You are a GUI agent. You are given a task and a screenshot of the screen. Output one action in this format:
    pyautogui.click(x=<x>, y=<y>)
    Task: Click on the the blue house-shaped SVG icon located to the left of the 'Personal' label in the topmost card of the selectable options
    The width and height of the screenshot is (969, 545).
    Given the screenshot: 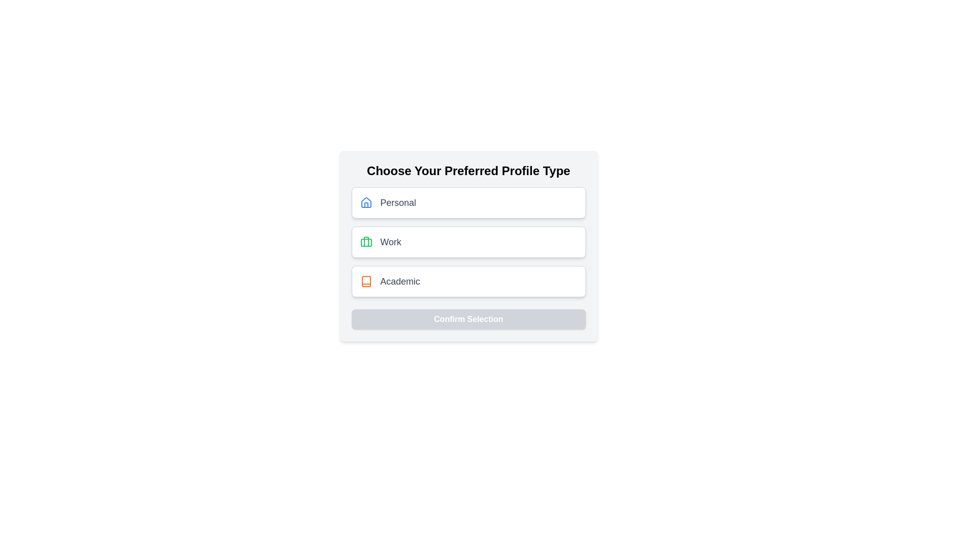 What is the action you would take?
    pyautogui.click(x=365, y=202)
    